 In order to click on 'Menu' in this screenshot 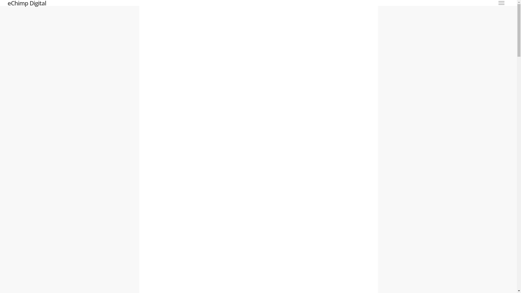, I will do `click(501, 3)`.